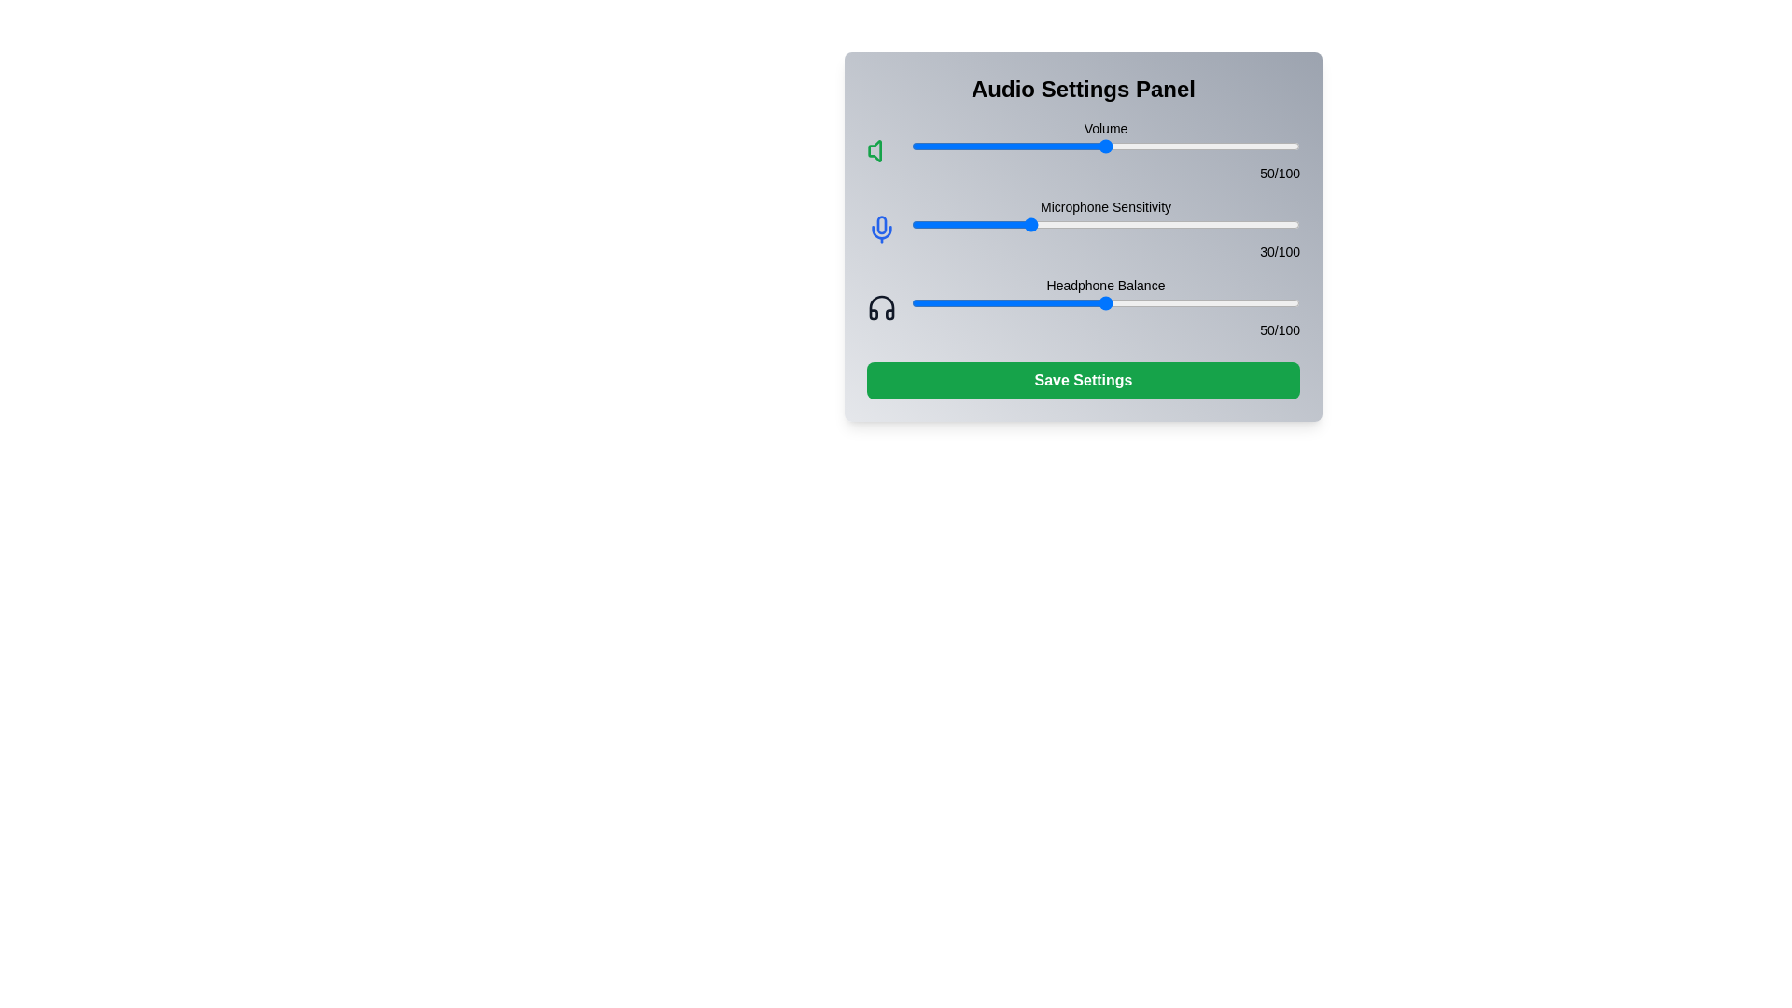 The width and height of the screenshot is (1792, 1008). What do you see at coordinates (1007, 146) in the screenshot?
I see `volume` at bounding box center [1007, 146].